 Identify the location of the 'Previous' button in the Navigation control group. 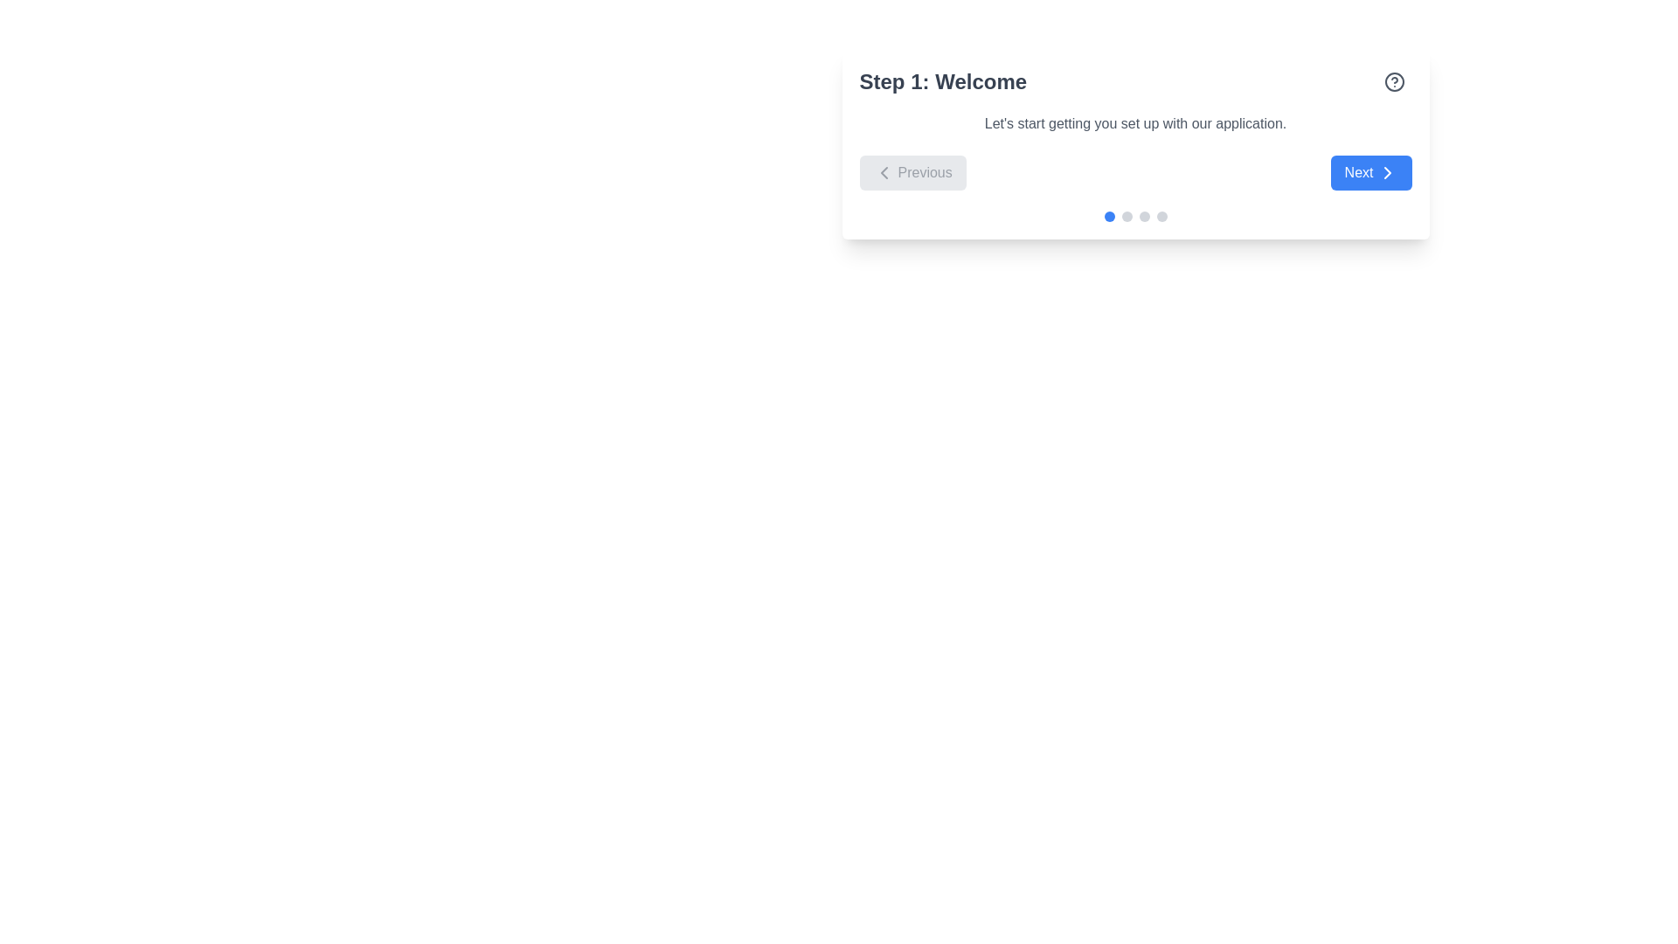
(1135, 172).